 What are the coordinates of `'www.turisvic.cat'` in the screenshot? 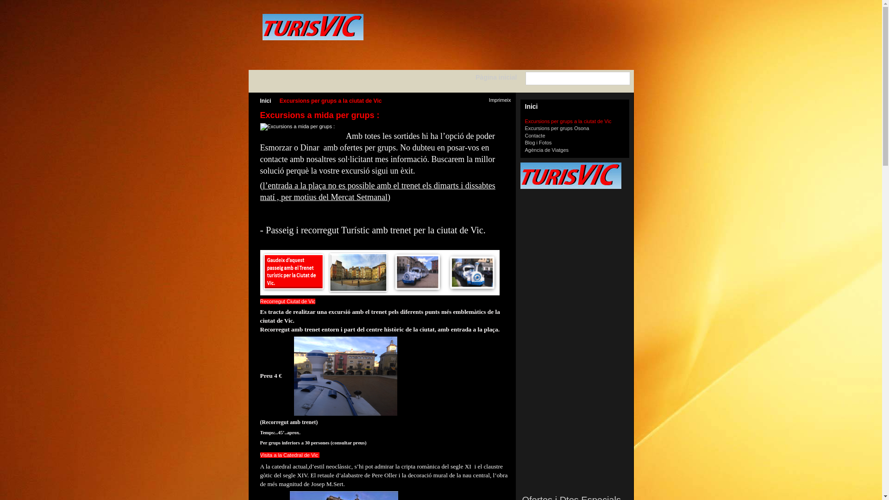 It's located at (313, 26).